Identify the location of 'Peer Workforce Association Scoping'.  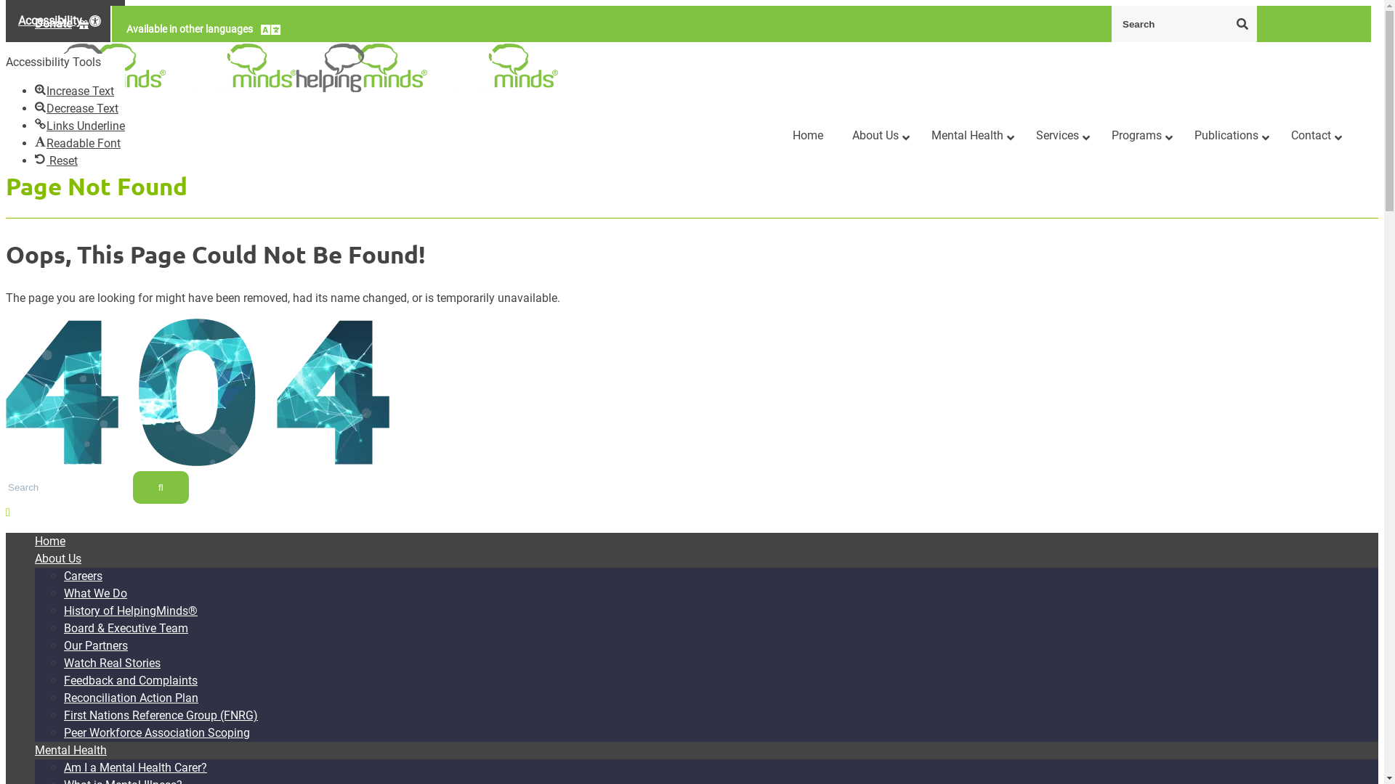
(157, 732).